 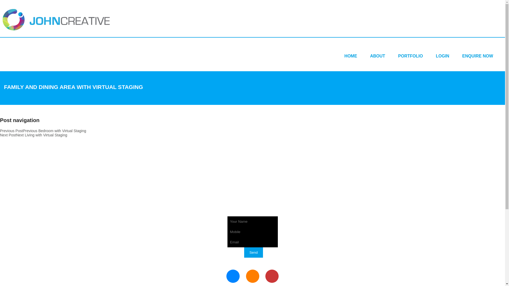 I want to click on 'Next PostNext Living with Virtual Staging', so click(x=33, y=135).